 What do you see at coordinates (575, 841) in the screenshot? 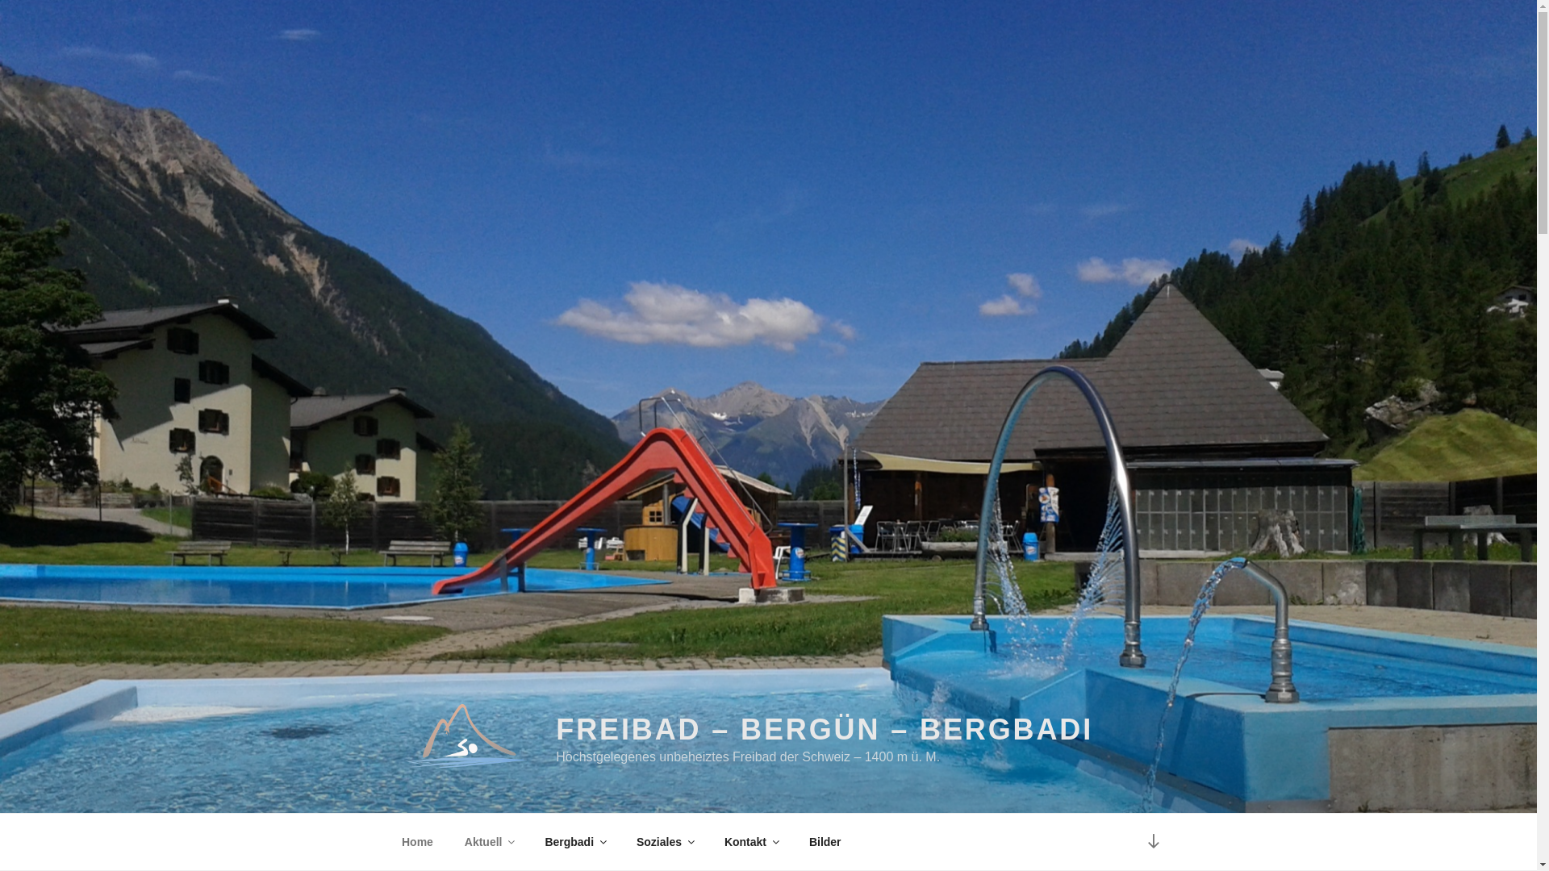
I see `'Bergbadi'` at bounding box center [575, 841].